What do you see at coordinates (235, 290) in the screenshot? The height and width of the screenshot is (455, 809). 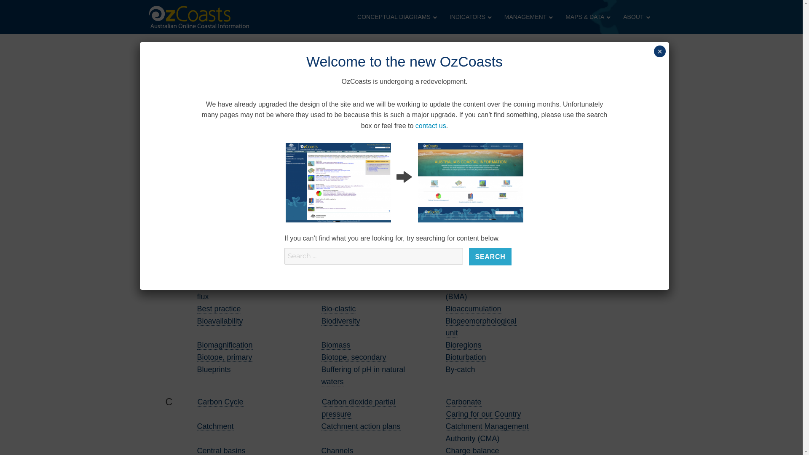 I see `'Benthic carbon dioxide flux'` at bounding box center [235, 290].